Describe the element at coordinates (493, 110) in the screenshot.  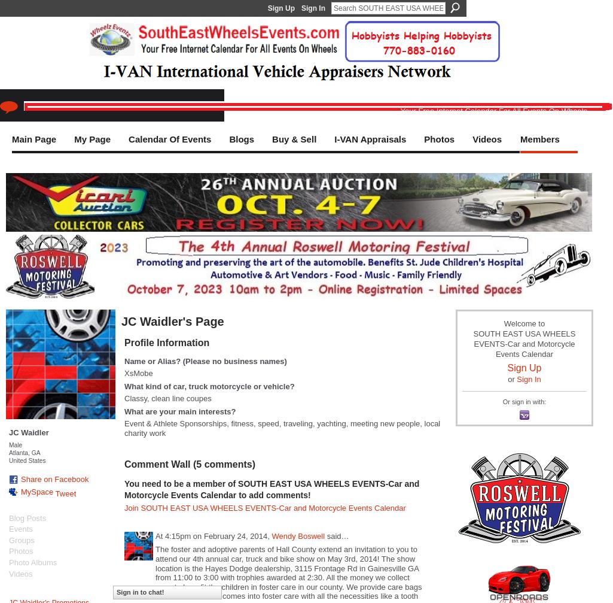
I see `'Your Free Internet Calendar For All Events On Wheels'` at that location.